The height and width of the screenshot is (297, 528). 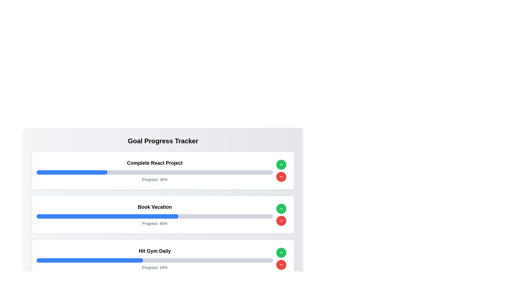 I want to click on the circular red button with a white downwards chevron icon located in the bottom-right corner of the 'Hit Gym Daily' progress tracker row to observe its hover effect, so click(x=281, y=265).